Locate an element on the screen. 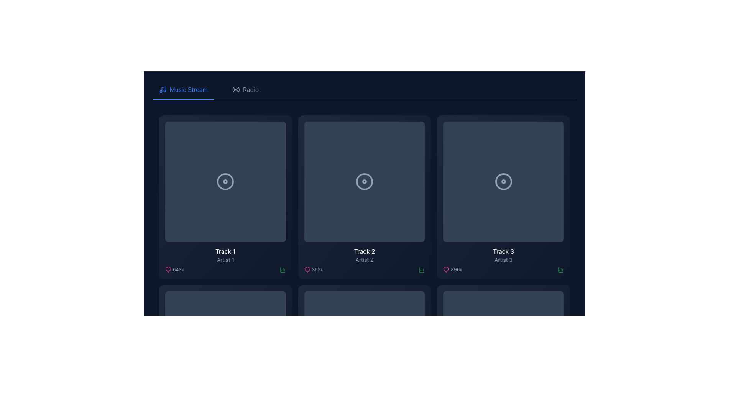  the first navigation tab in the navigation bar is located at coordinates (183, 90).